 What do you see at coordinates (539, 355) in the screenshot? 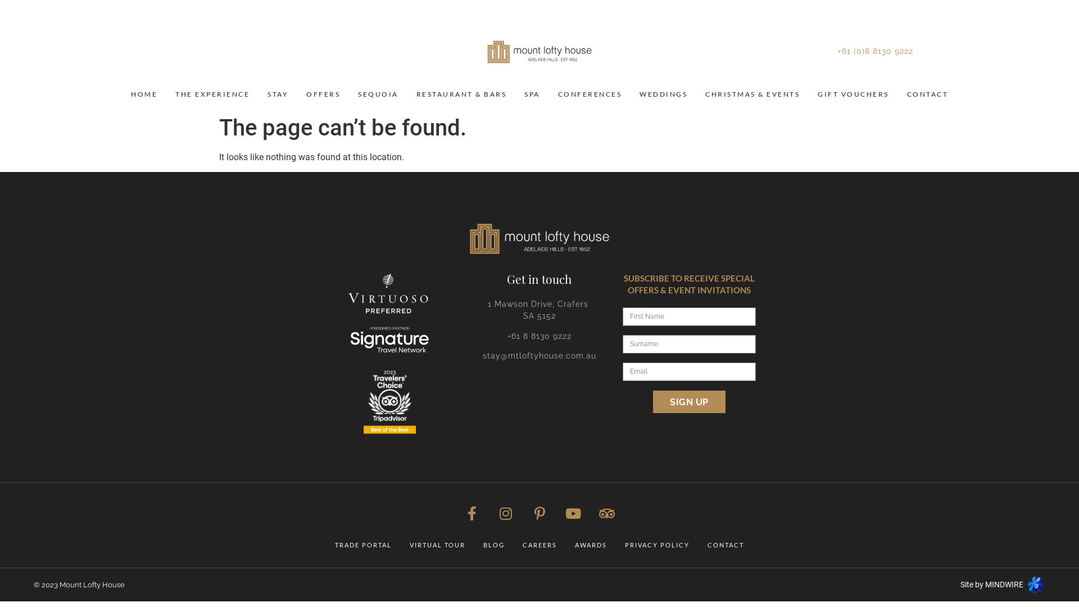
I see `'stay@mtloftyhouse.com.au'` at bounding box center [539, 355].